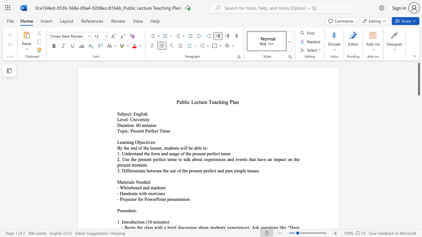 The width and height of the screenshot is (422, 237). What do you see at coordinates (132, 182) in the screenshot?
I see `the subset text "s Needed:" within the text "Materials Needed:"` at bounding box center [132, 182].